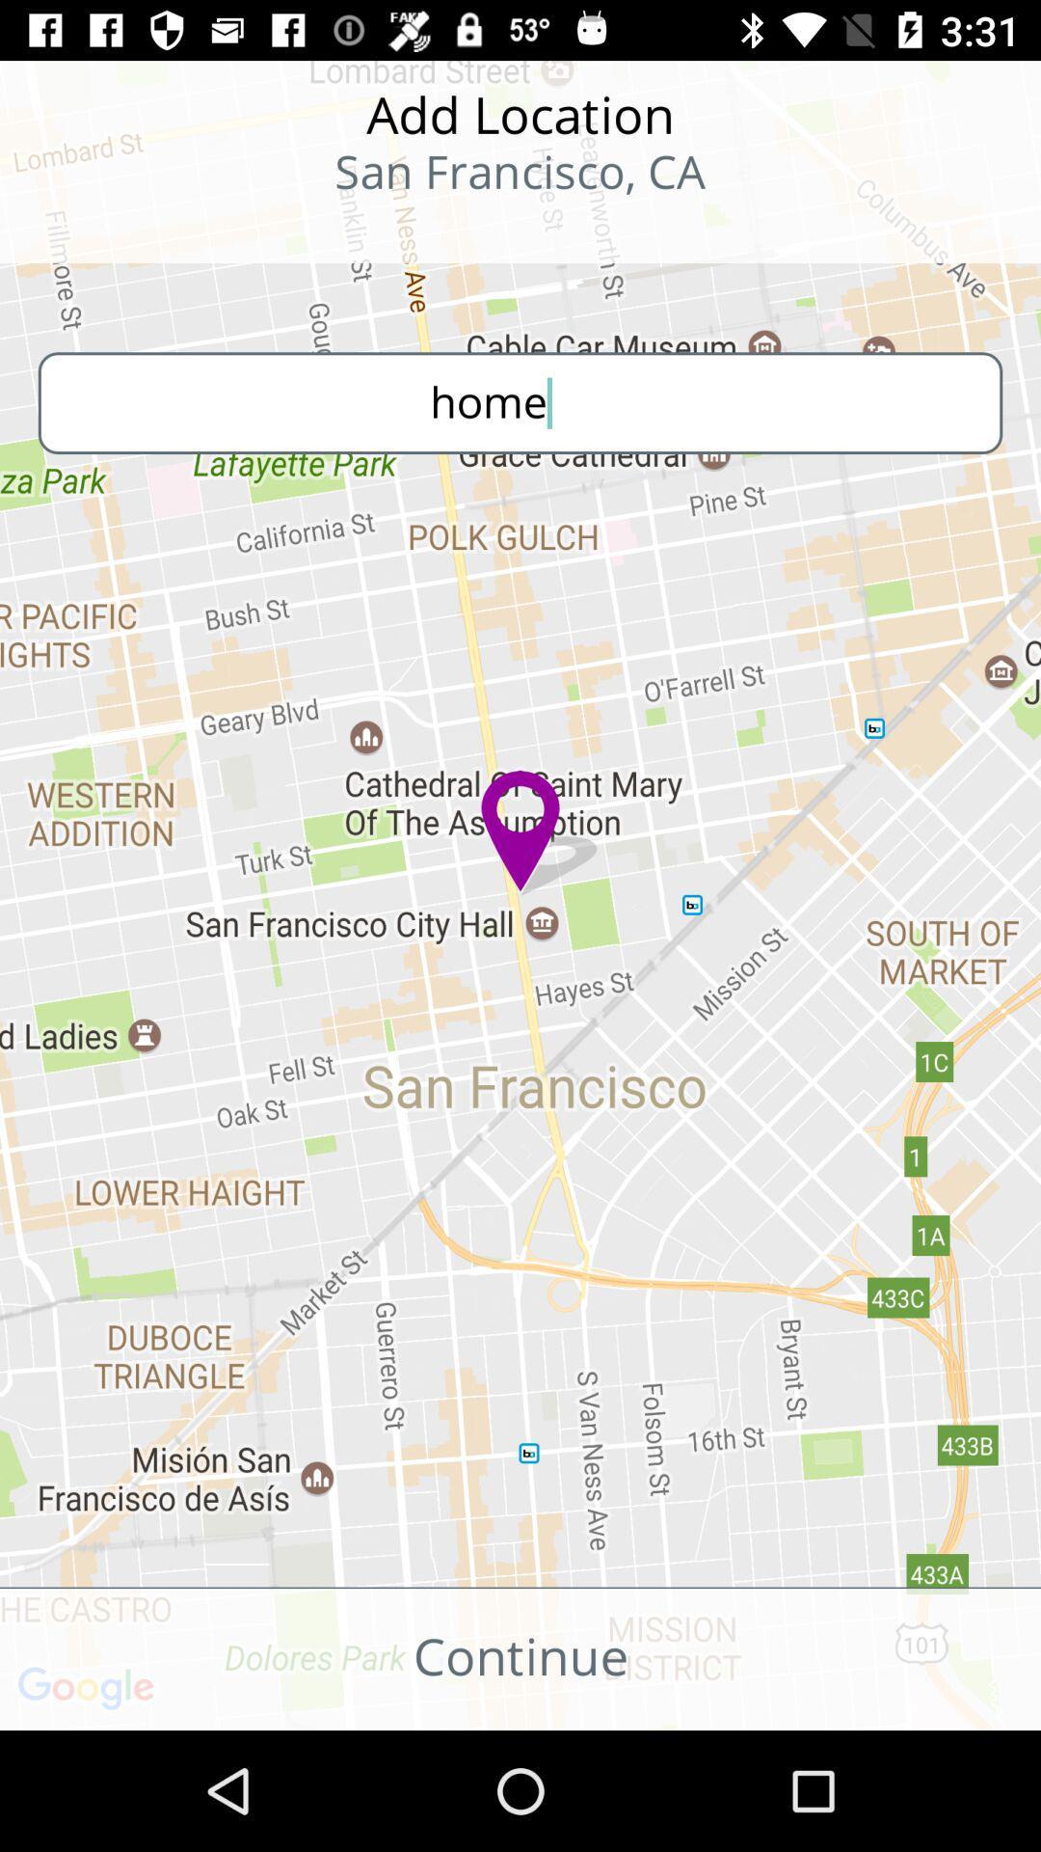  Describe the element at coordinates (126, 231) in the screenshot. I see `map` at that location.